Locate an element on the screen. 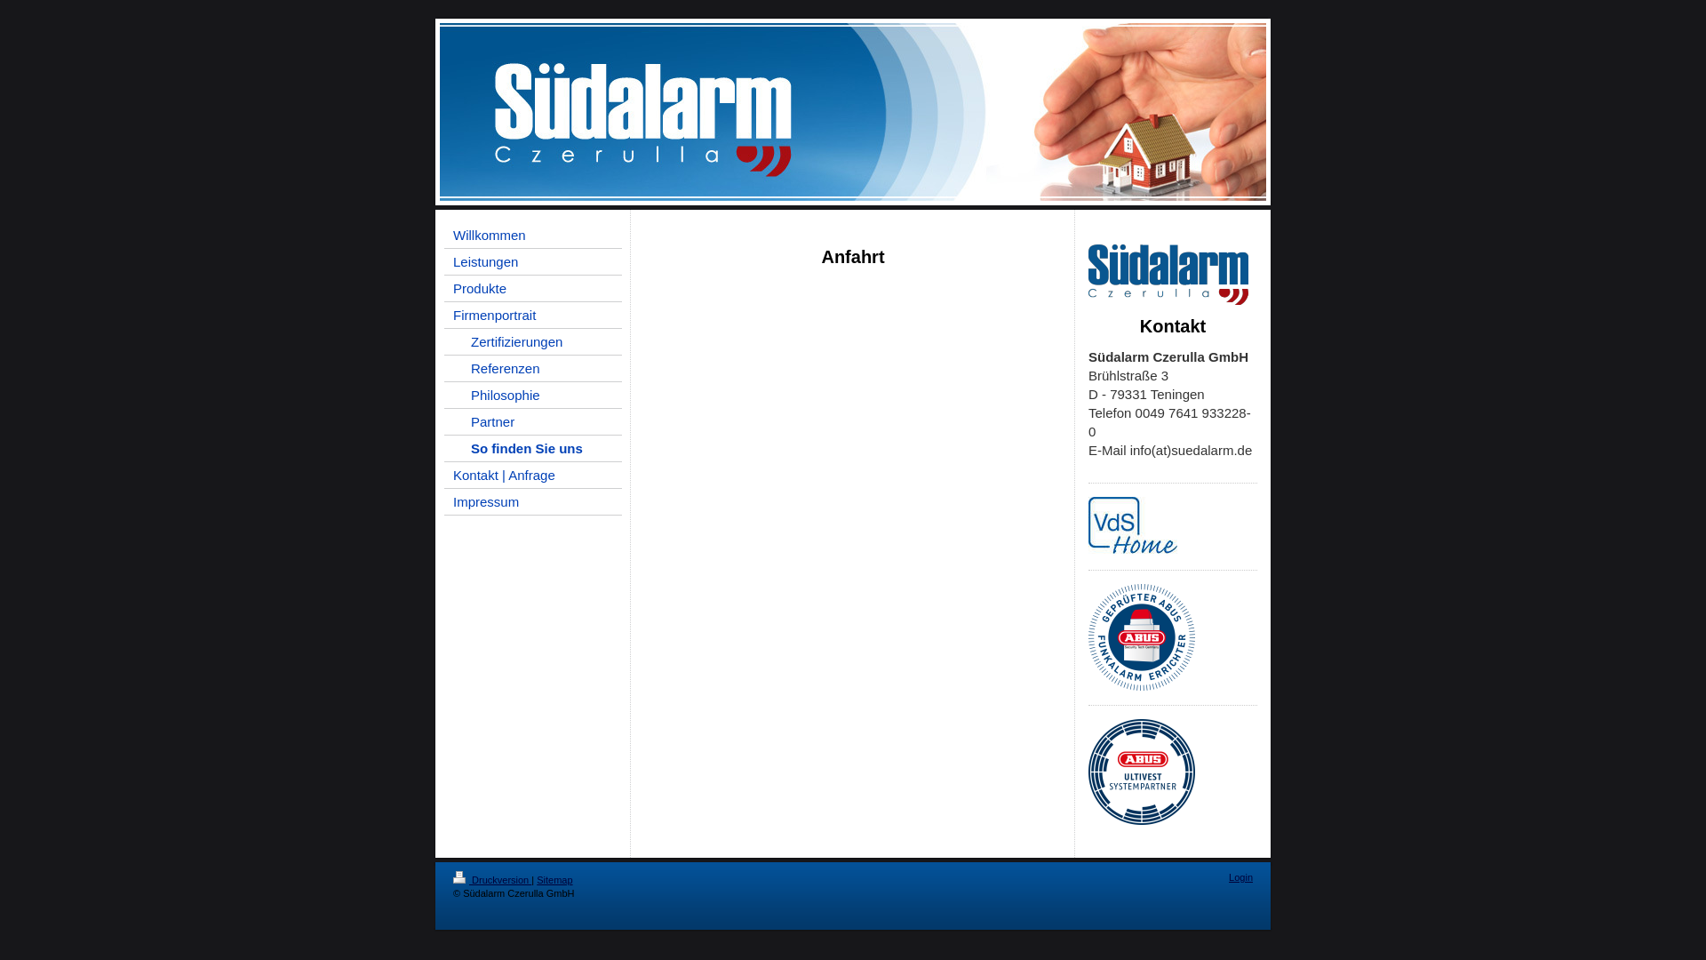 The height and width of the screenshot is (960, 1706). 'Firmenportrait' is located at coordinates (443, 314).